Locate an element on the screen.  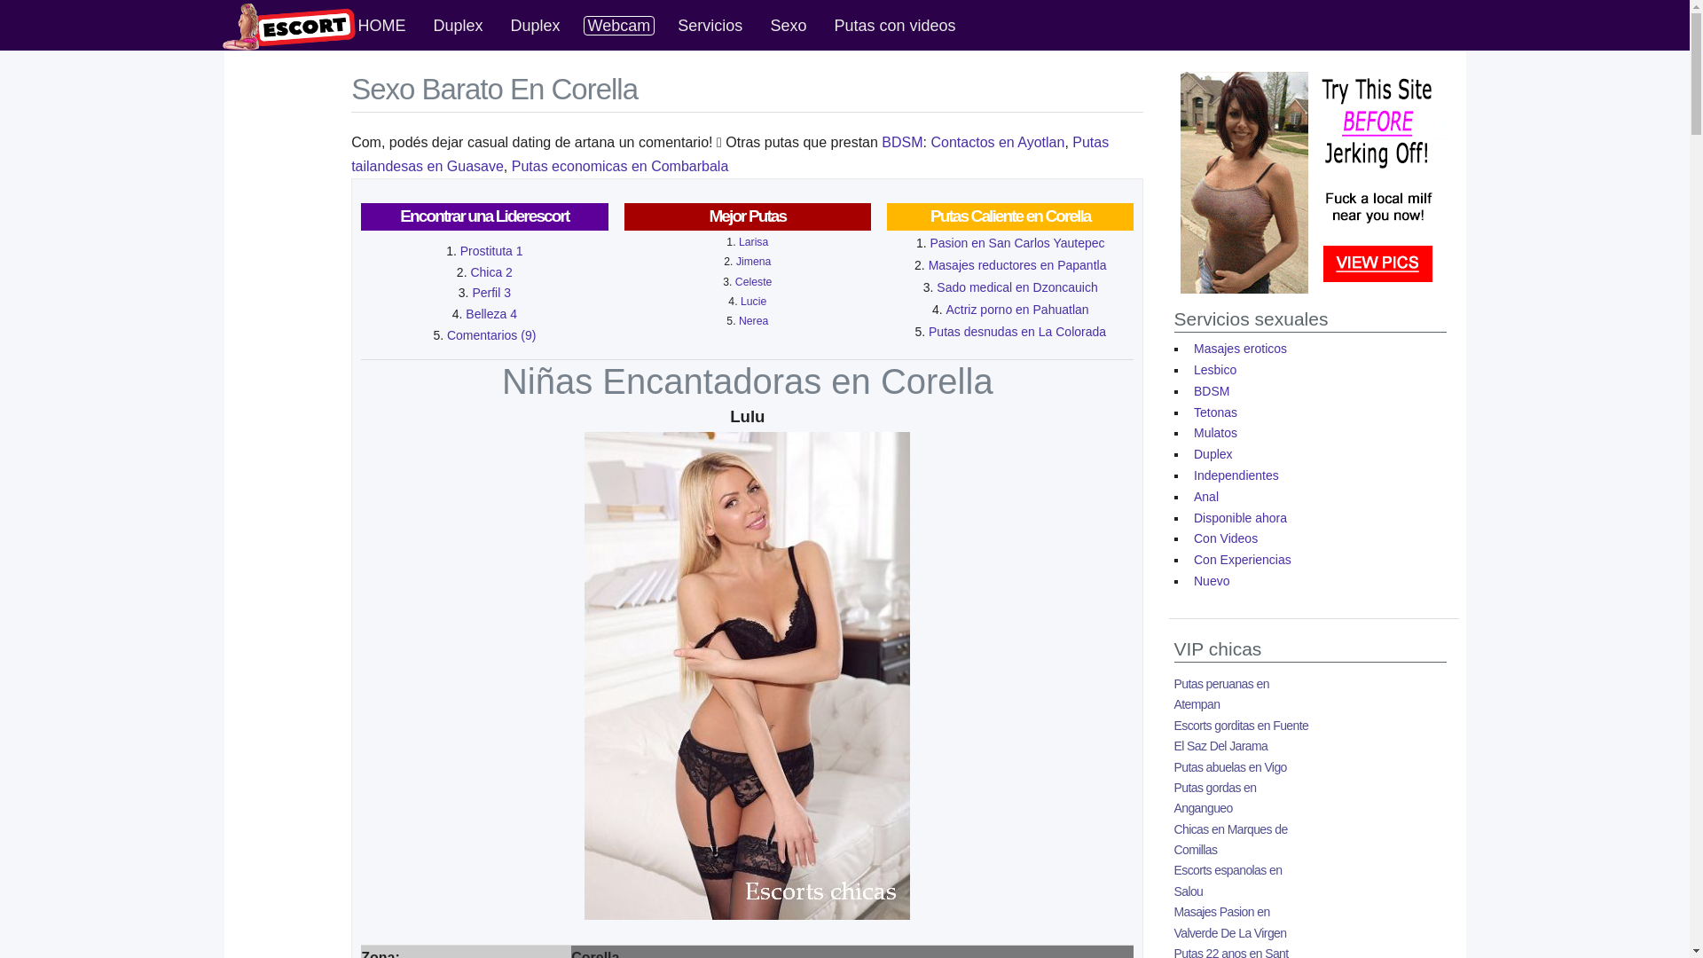
'Prostituta 1' is located at coordinates (491, 250).